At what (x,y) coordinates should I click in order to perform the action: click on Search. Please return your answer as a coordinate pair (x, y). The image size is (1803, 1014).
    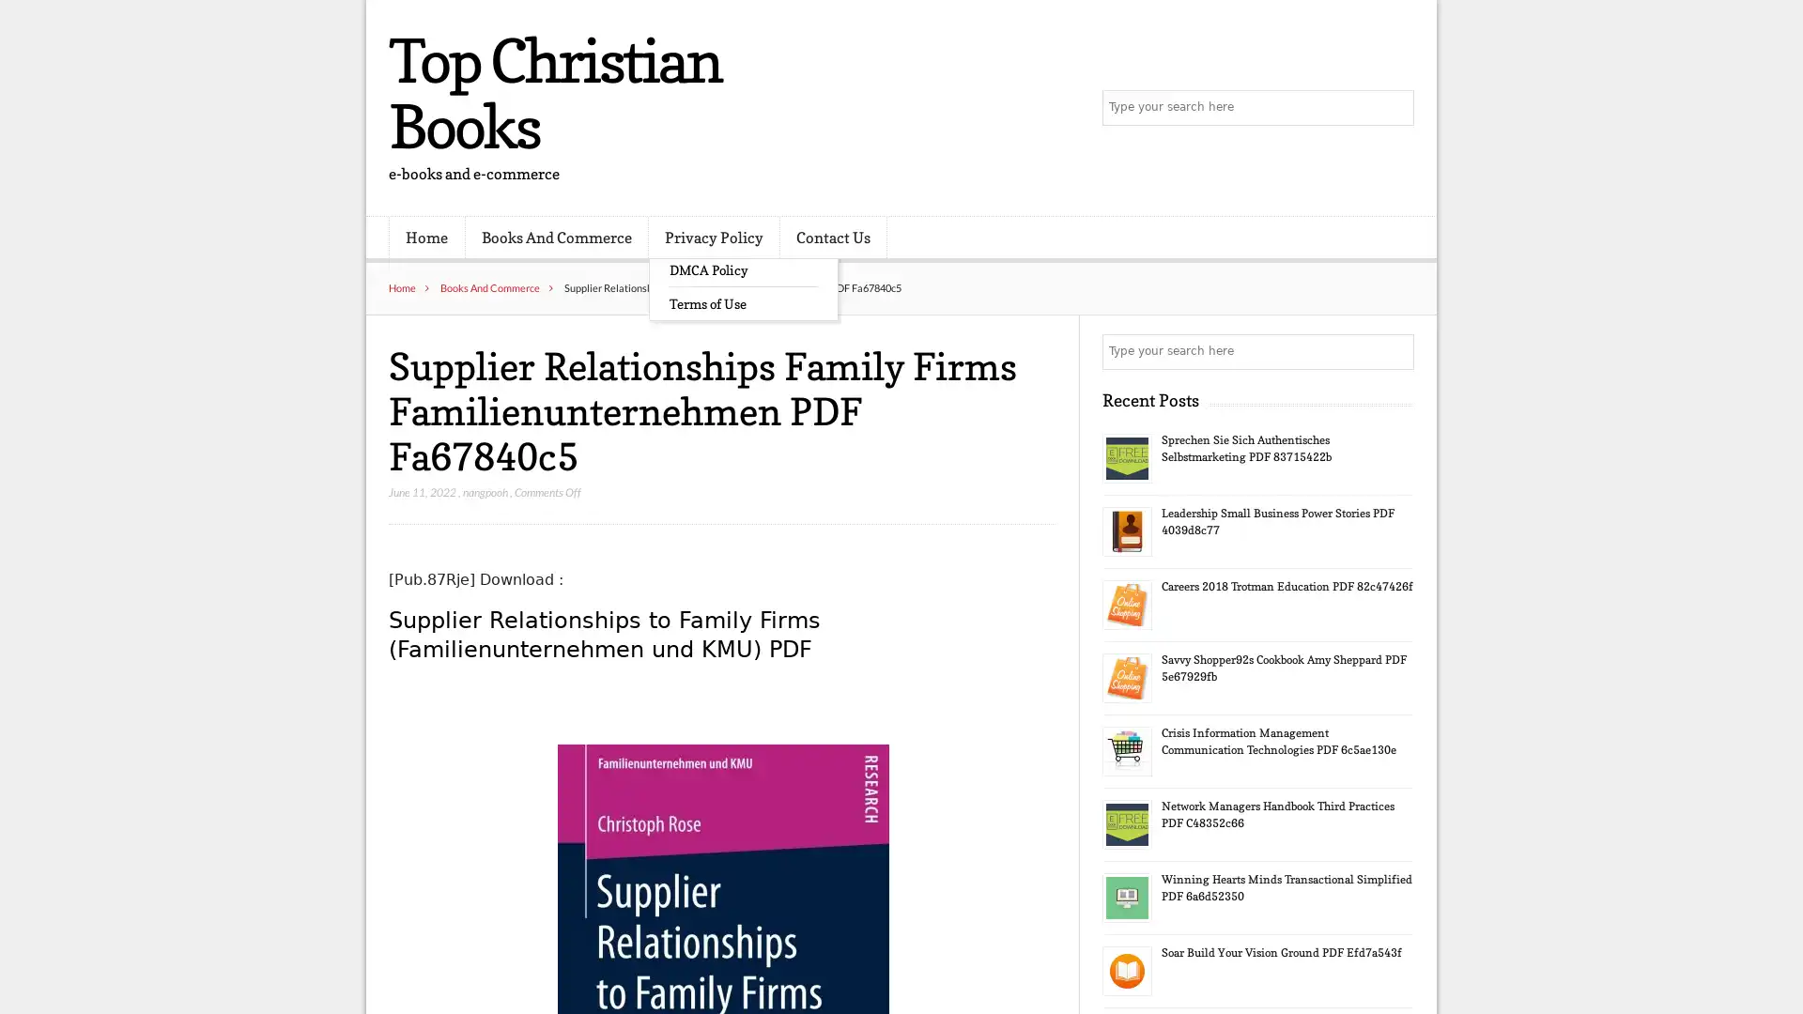
    Looking at the image, I should click on (1395, 108).